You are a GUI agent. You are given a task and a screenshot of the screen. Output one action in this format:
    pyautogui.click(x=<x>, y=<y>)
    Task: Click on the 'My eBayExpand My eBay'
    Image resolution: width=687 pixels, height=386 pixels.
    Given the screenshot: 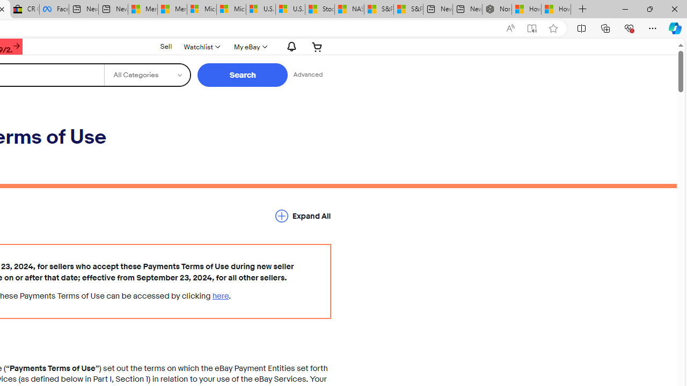 What is the action you would take?
    pyautogui.click(x=249, y=46)
    